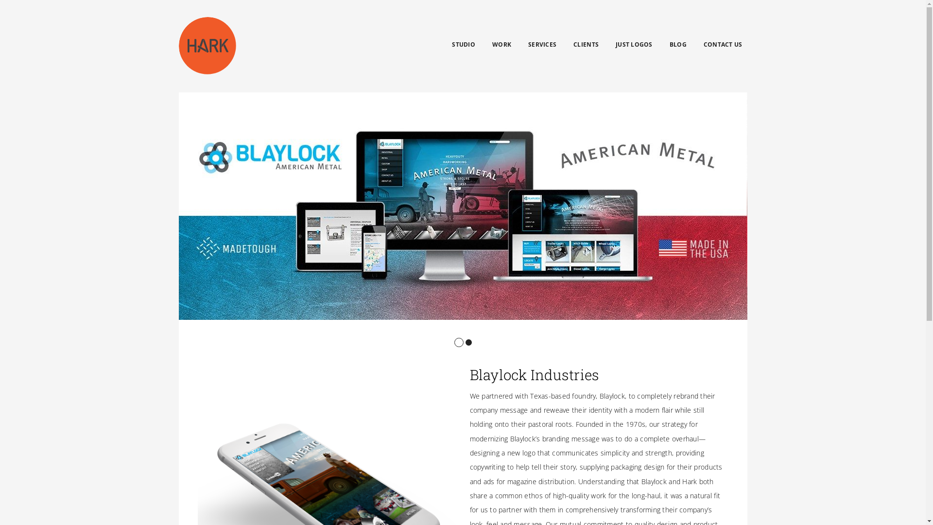 The width and height of the screenshot is (933, 525). Describe the element at coordinates (704, 45) in the screenshot. I see `'CONTACT US'` at that location.